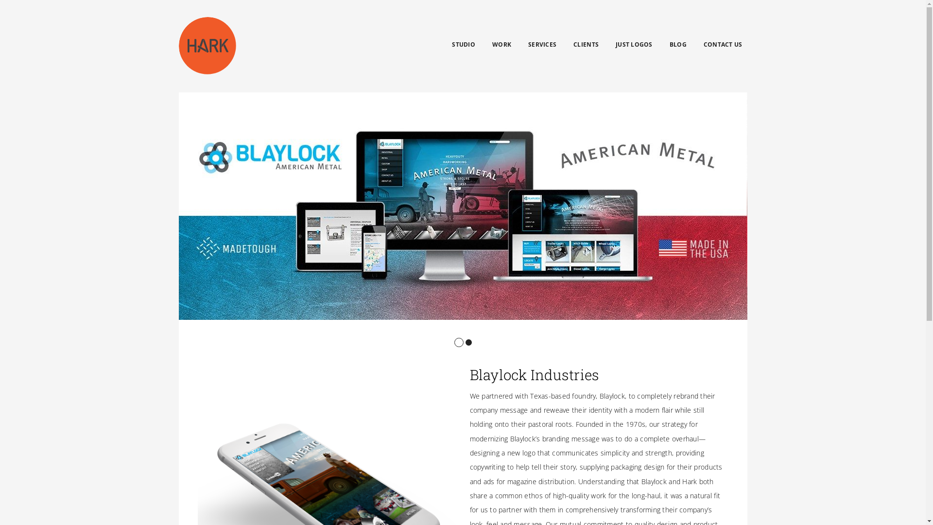 The width and height of the screenshot is (933, 525). Describe the element at coordinates (704, 45) in the screenshot. I see `'CONTACT US'` at that location.